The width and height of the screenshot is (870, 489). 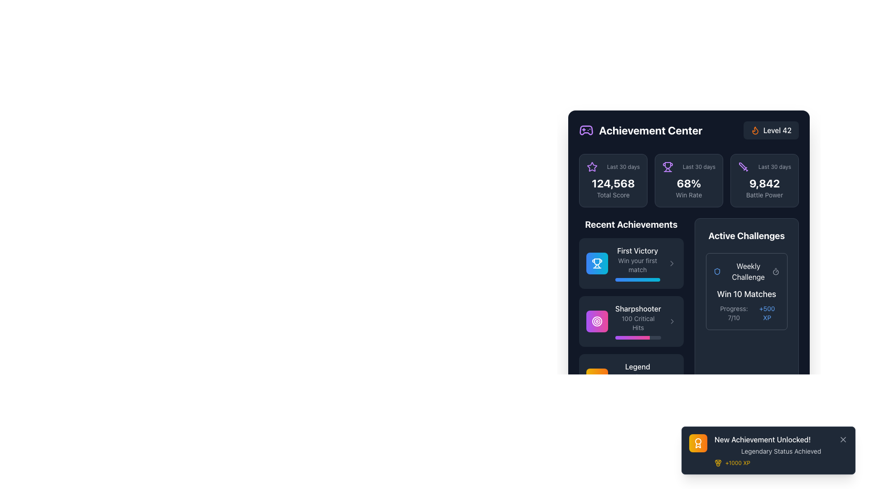 I want to click on the Statistical display unit in the Achievement Center section that shows the user's total score for the past 30 days, located in the upper-left corner among the stats cards, so click(x=613, y=187).